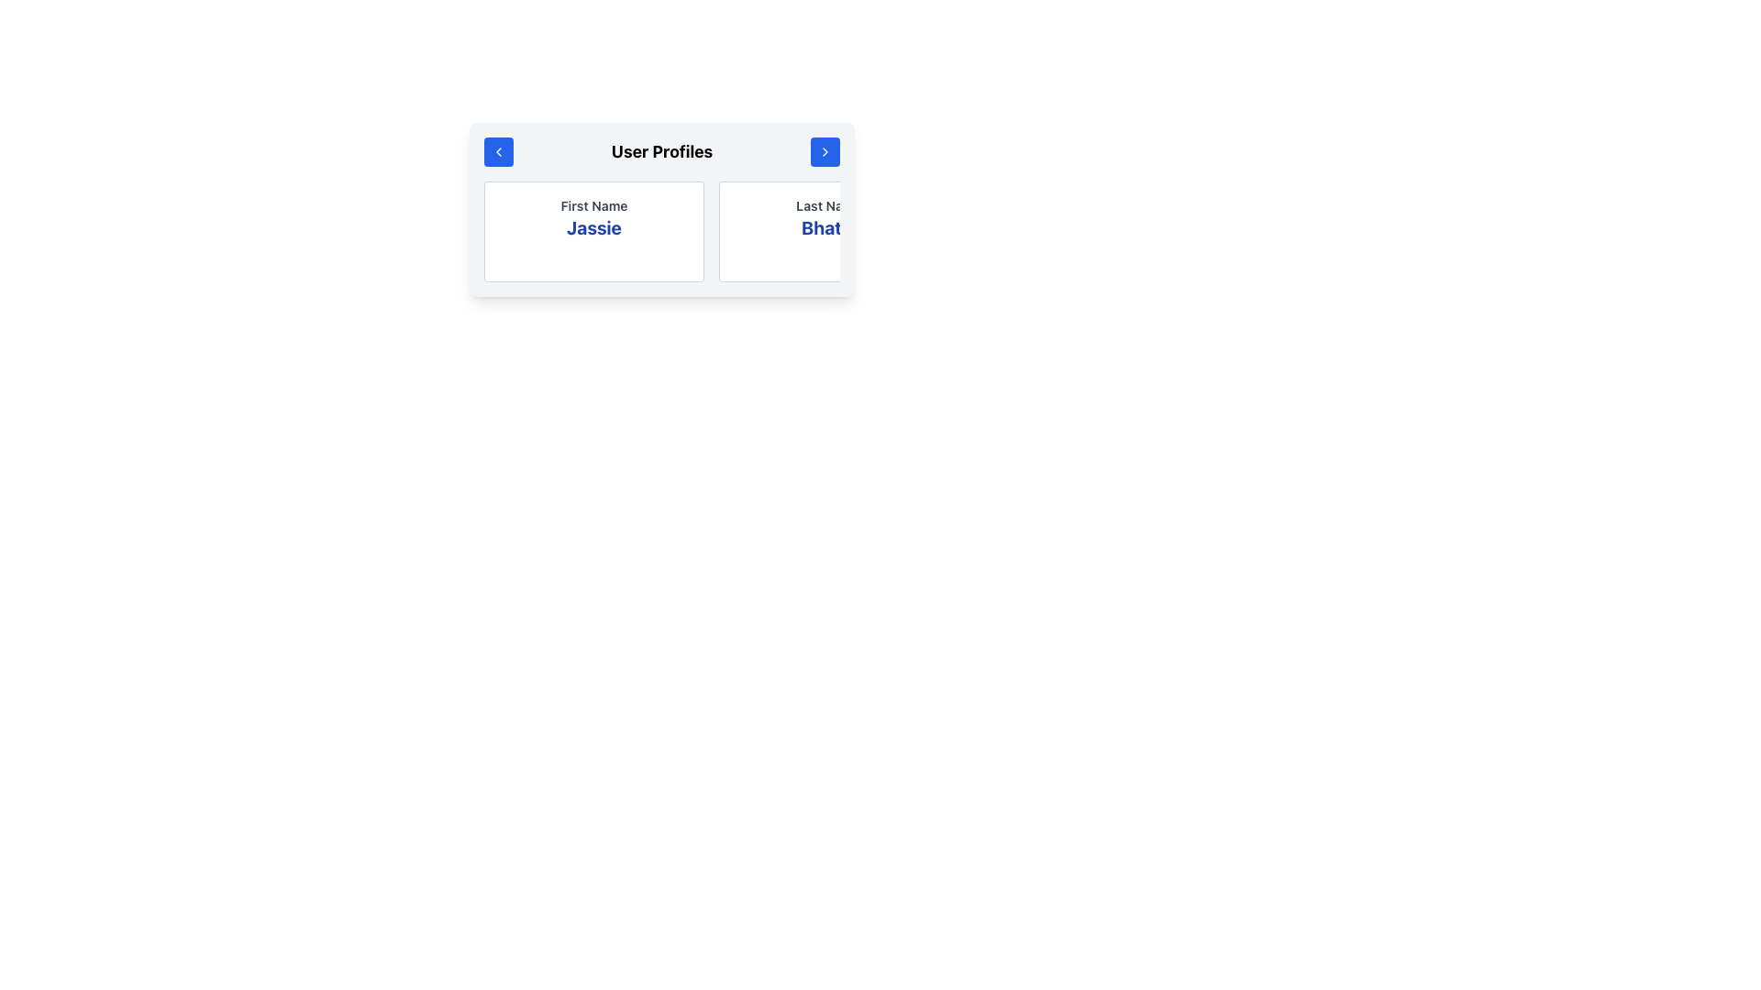 This screenshot has width=1761, height=990. What do you see at coordinates (827, 205) in the screenshot?
I see `the 'Last Name' label element, which is positioned at the top of the right card in the 'User Profiles' section` at bounding box center [827, 205].